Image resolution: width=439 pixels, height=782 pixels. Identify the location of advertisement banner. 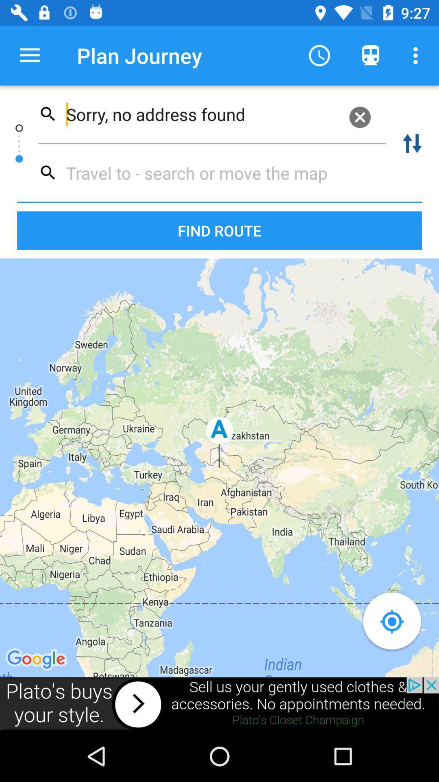
(219, 703).